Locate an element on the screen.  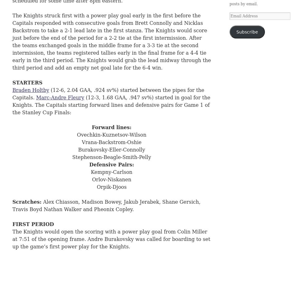
'The Knights struck first with a power play goal early in the first before the Capitals responded with consecutive goals from Brett Connolly and Nicklas Backstrom to take a 2-1 lead late in the first stanza. The Knights would score just before the end of the period for a 2-2 tie at the first intermission. After the teams exchanged goals in the middle frame for a 3-3 tie at the second intermission, the teams registered tallies early in the final frame for a 4-4 tie early in the third period. The Knights would grab the lead midway through the third period and add an empty net goal late for the 6-4 win.' is located at coordinates (111, 42).